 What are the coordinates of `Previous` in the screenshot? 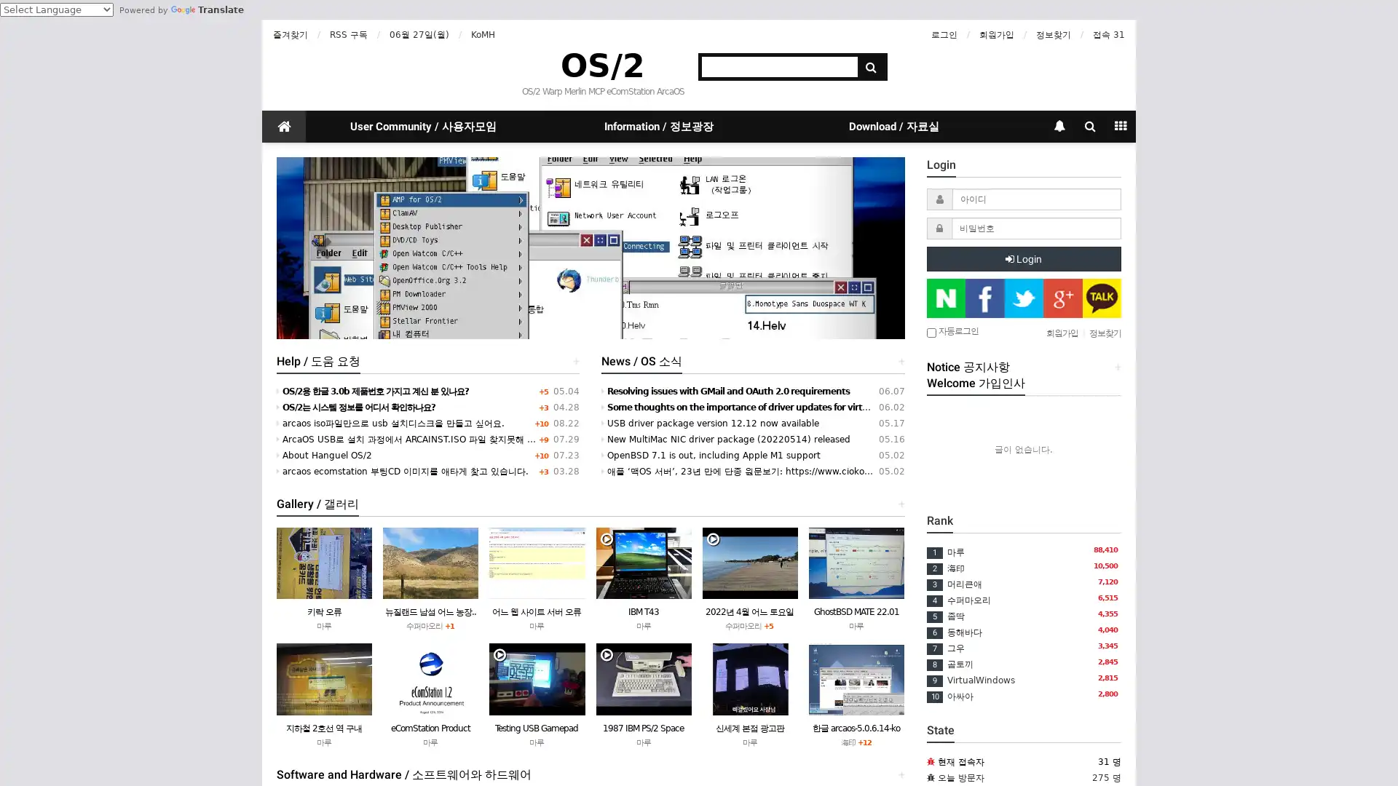 It's located at (323, 247).